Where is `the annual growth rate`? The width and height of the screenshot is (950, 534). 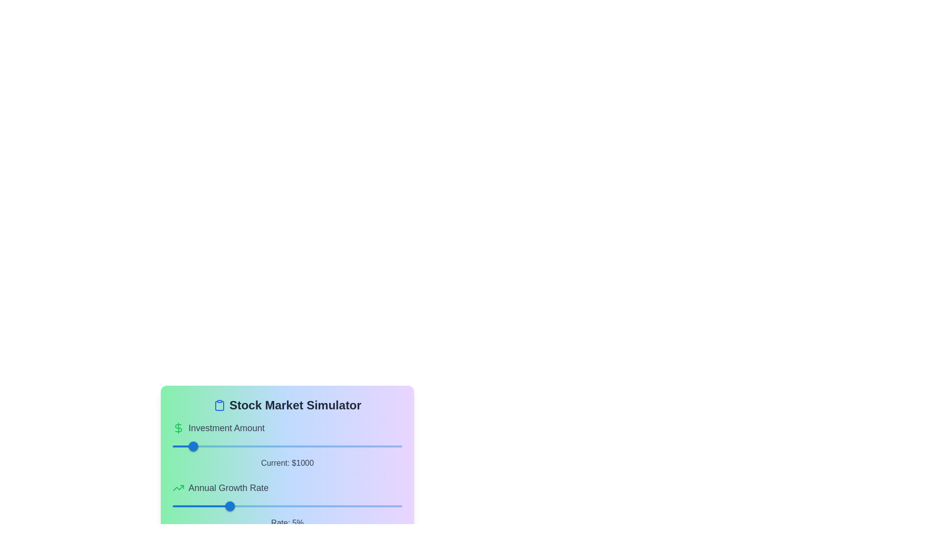
the annual growth rate is located at coordinates (310, 506).